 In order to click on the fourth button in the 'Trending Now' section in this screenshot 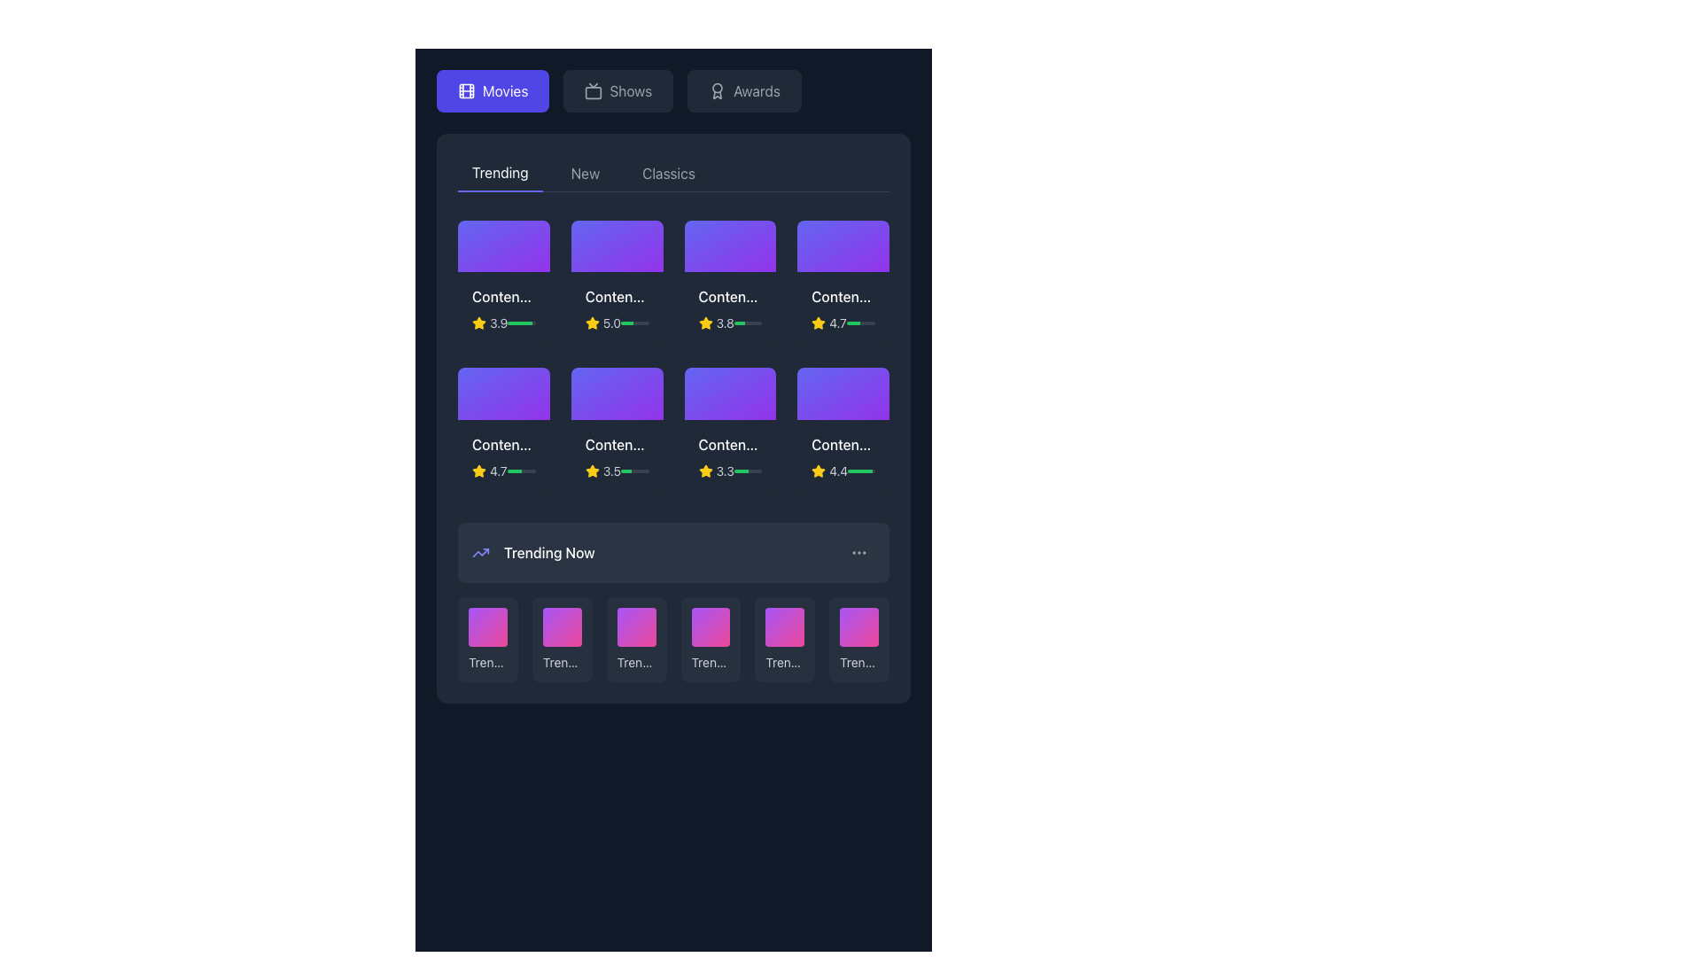, I will do `click(711, 639)`.